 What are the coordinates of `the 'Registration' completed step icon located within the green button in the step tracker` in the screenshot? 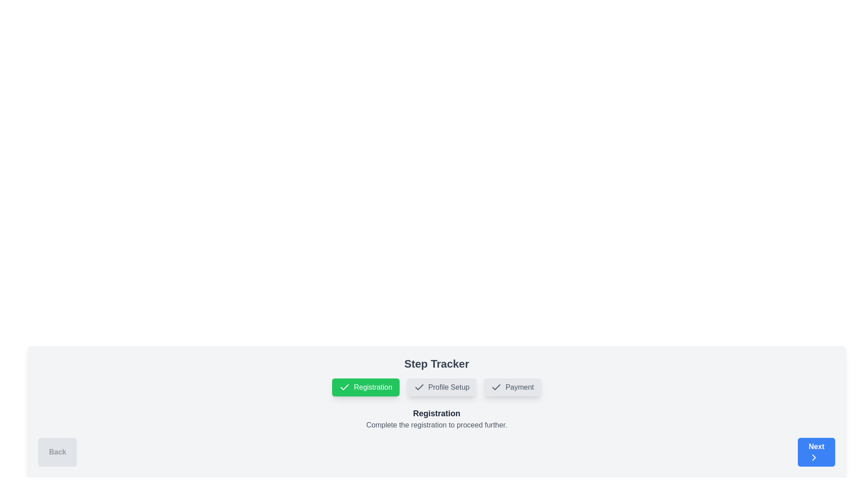 It's located at (344, 387).